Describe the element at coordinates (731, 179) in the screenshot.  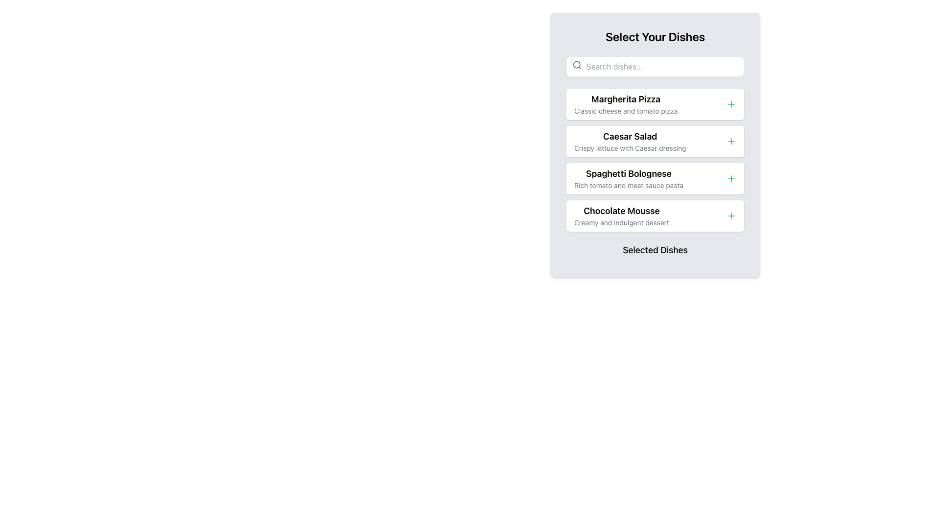
I see `the green-colored plus icon button at the far right end of the 'Spaghetti Bolognese' list item` at that location.